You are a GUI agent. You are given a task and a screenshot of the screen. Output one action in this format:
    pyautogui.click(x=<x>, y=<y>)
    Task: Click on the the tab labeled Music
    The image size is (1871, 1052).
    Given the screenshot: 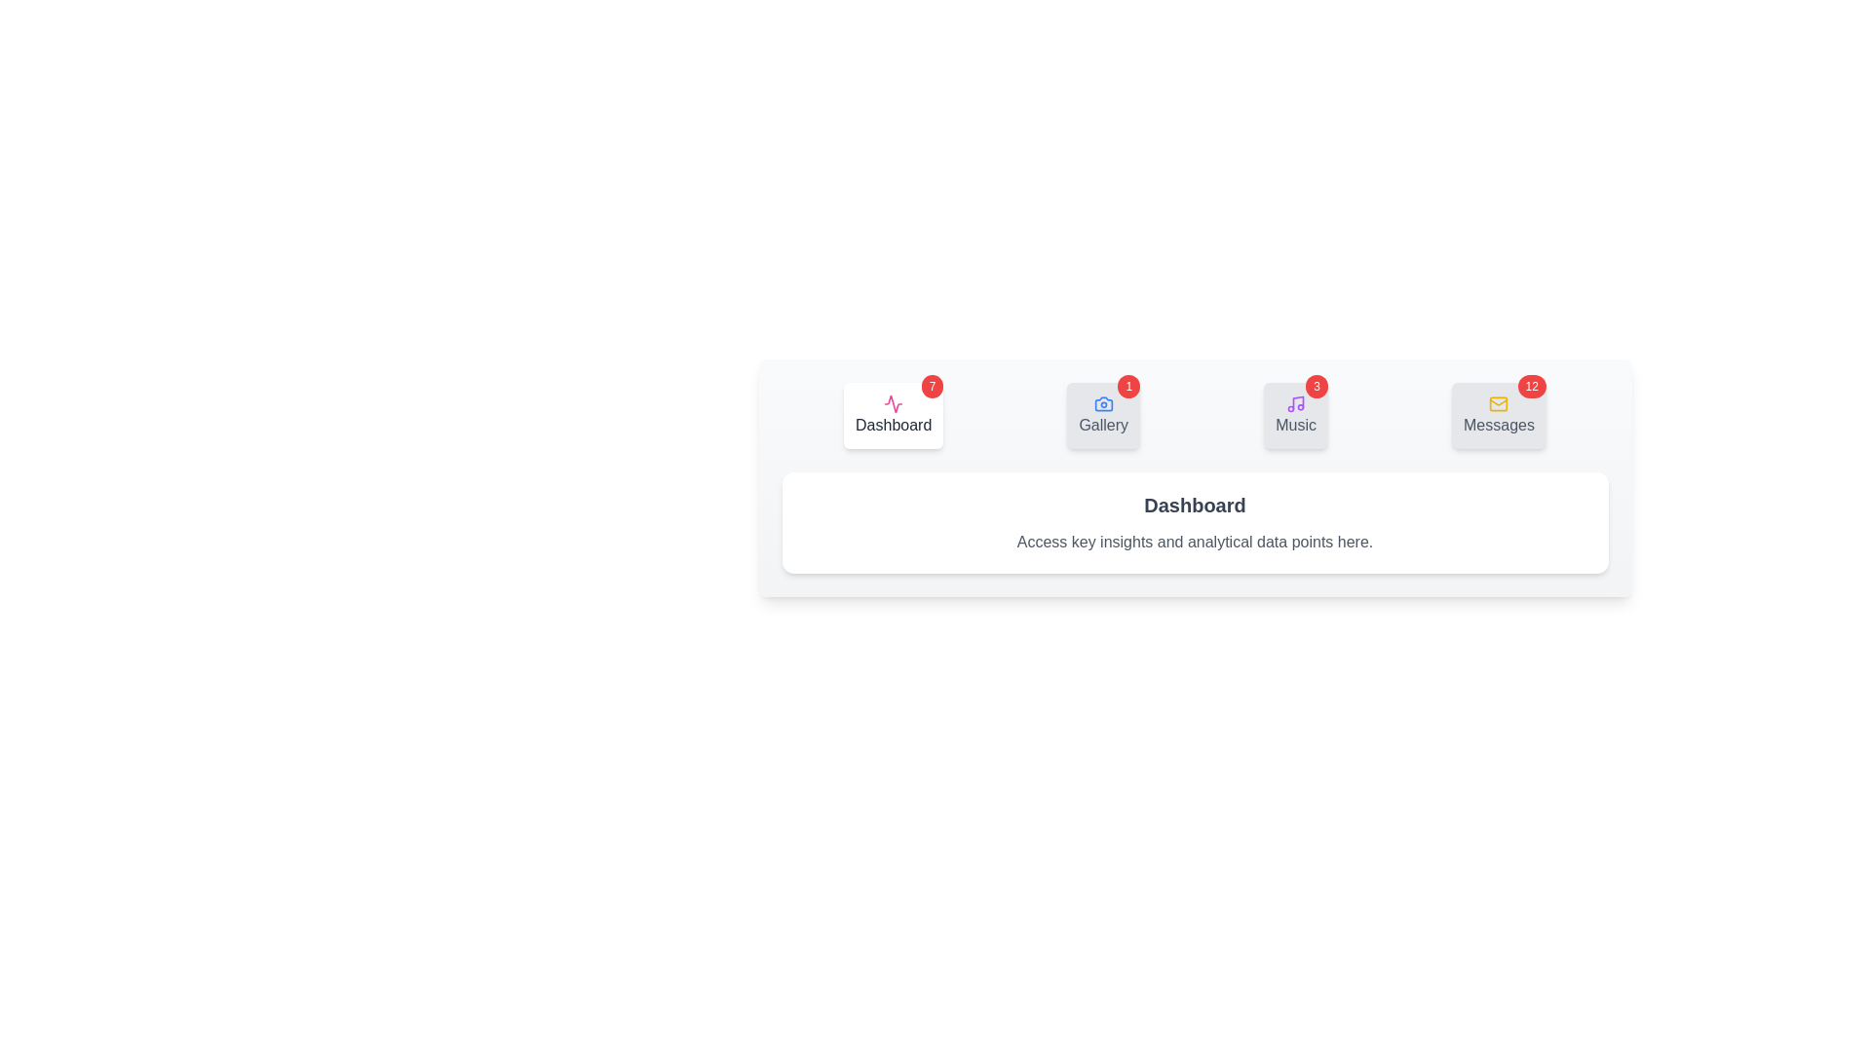 What is the action you would take?
    pyautogui.click(x=1295, y=415)
    